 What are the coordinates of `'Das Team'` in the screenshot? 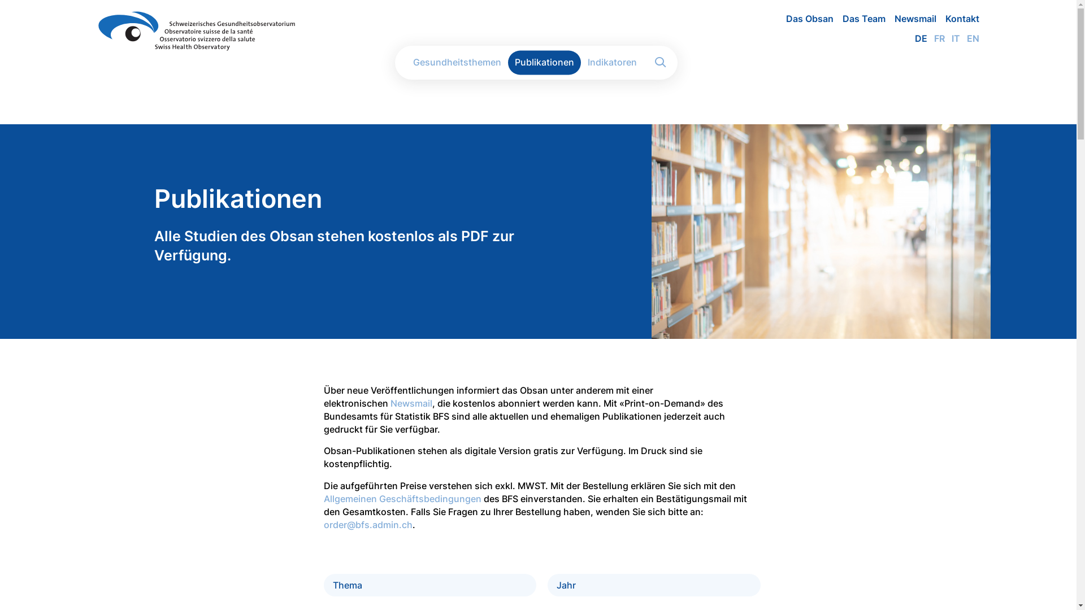 It's located at (859, 19).